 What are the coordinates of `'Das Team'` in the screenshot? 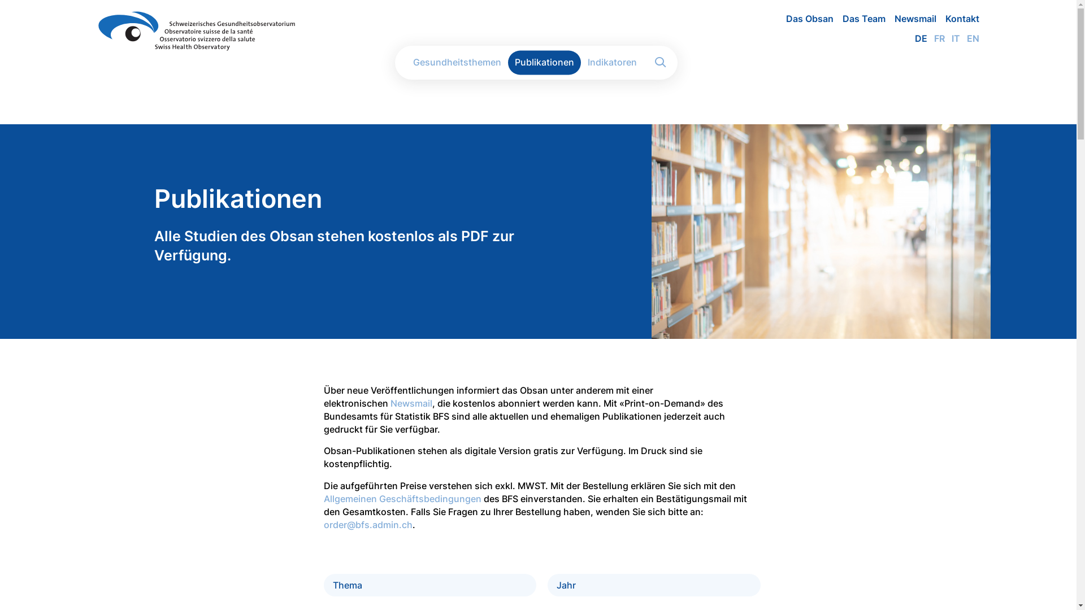 It's located at (859, 19).